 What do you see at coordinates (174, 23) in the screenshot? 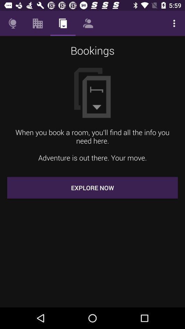
I see `item above the bookings icon` at bounding box center [174, 23].